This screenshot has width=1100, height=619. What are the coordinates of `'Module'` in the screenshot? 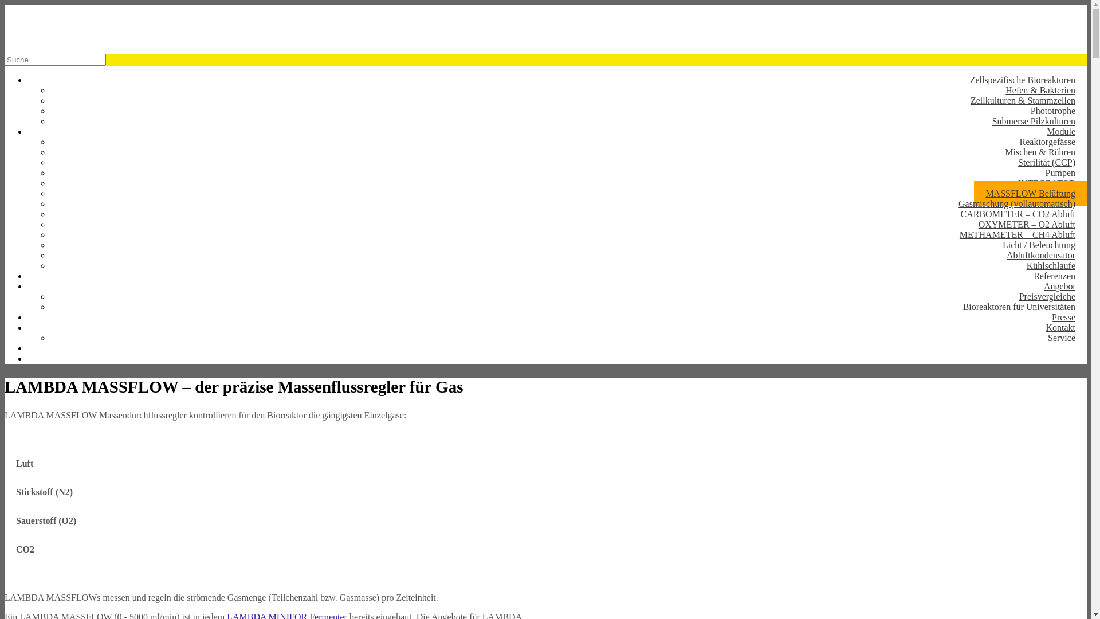 It's located at (1060, 131).